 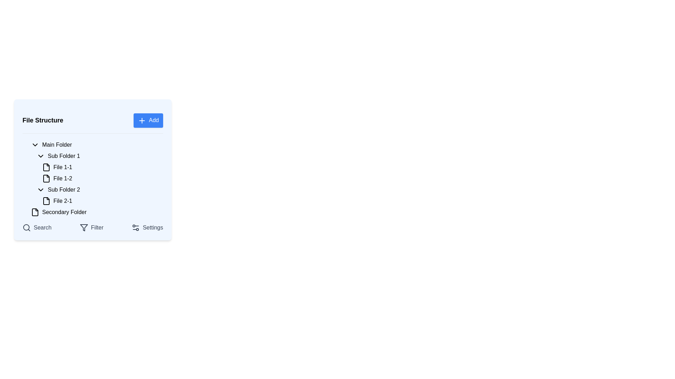 What do you see at coordinates (101, 178) in the screenshot?
I see `to select or open the file labeled 'File 1-2' in the hierarchical tree structure under 'Sub Folder 1'` at bounding box center [101, 178].